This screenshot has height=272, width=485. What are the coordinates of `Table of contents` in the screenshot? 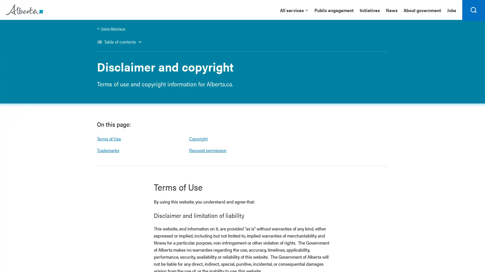 It's located at (119, 44).